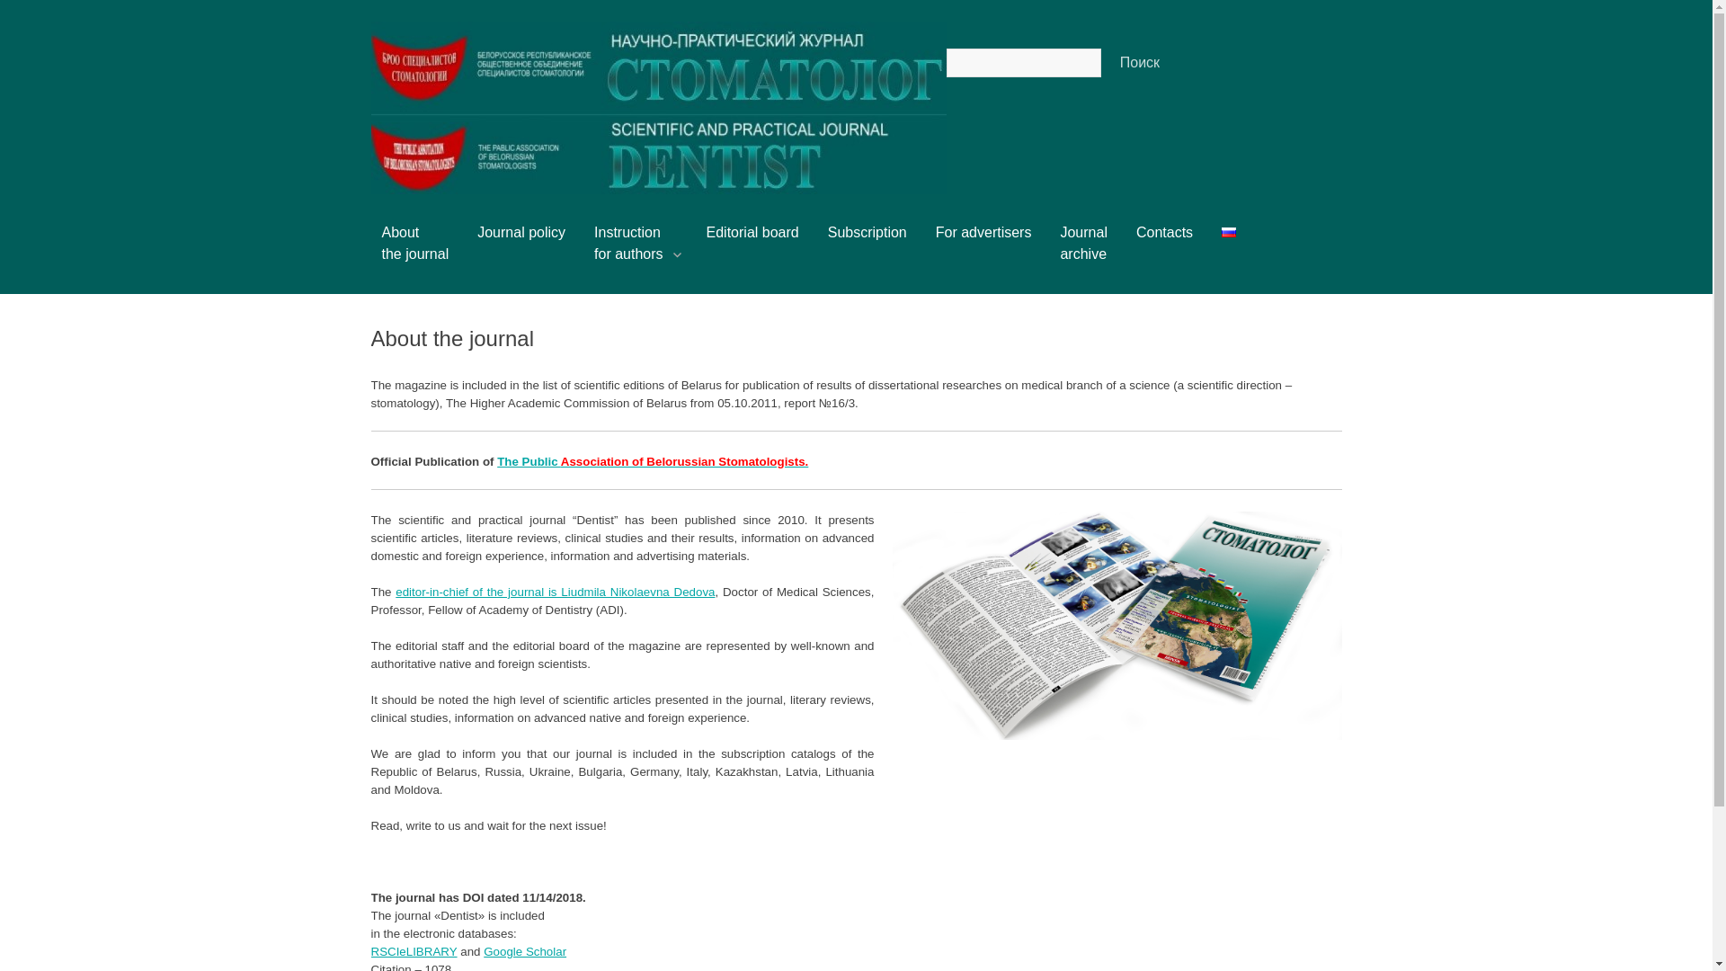 This screenshot has width=1726, height=971. Describe the element at coordinates (483, 950) in the screenshot. I see `'Google Scholar'` at that location.